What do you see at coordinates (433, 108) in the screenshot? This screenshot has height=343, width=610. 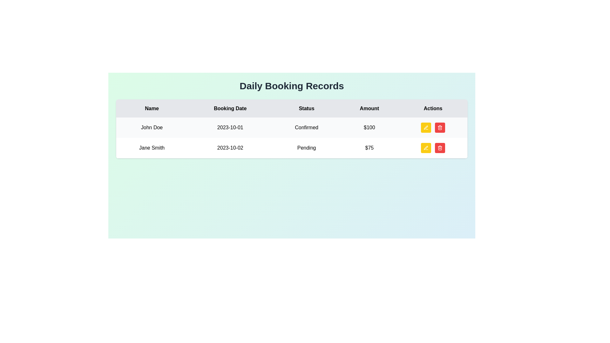 I see `the text label with bold black text 'Actions' in the last cell of the header row of the table` at bounding box center [433, 108].